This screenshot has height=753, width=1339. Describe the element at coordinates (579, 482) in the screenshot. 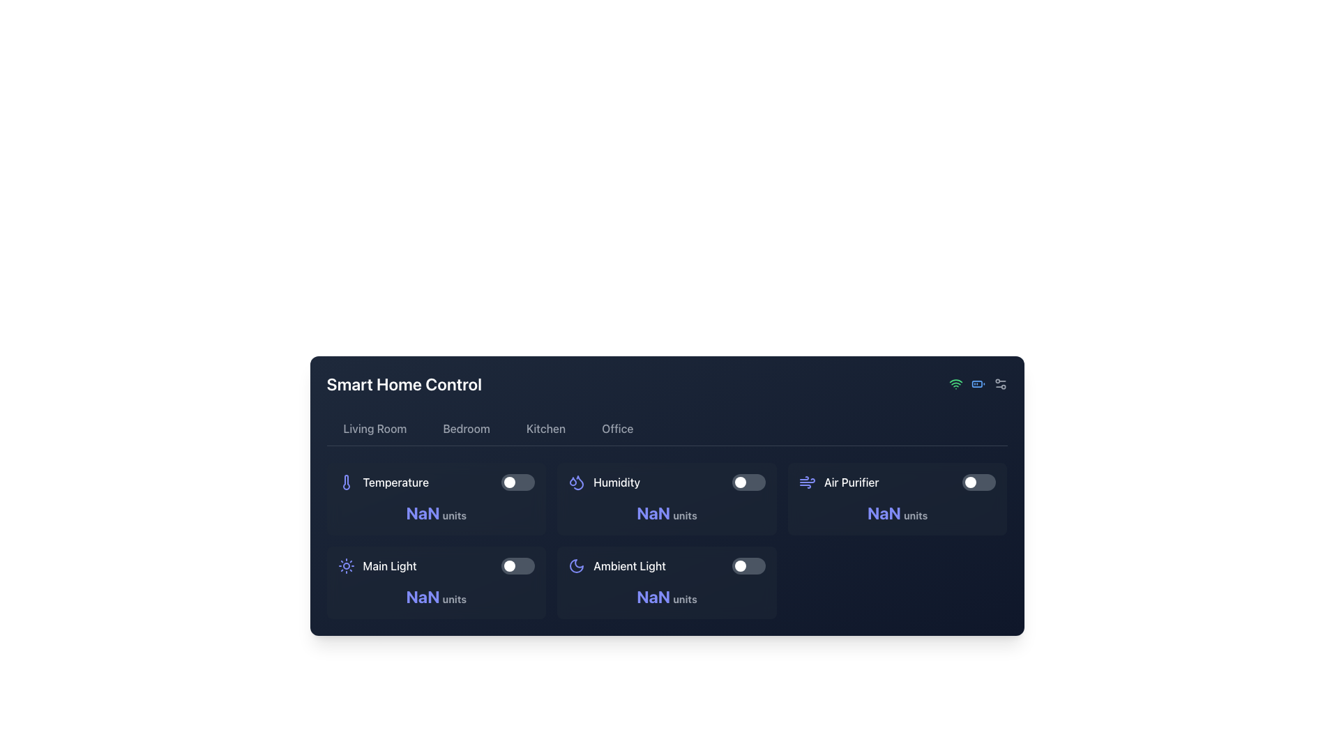

I see `the second droplet-shaped icon with a blue outline in the 'Humidity' control card located in the upper section of the interface` at that location.